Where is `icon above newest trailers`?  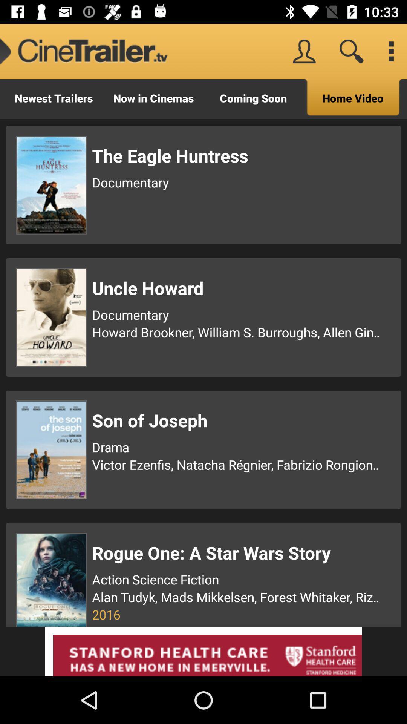 icon above newest trailers is located at coordinates (84, 51).